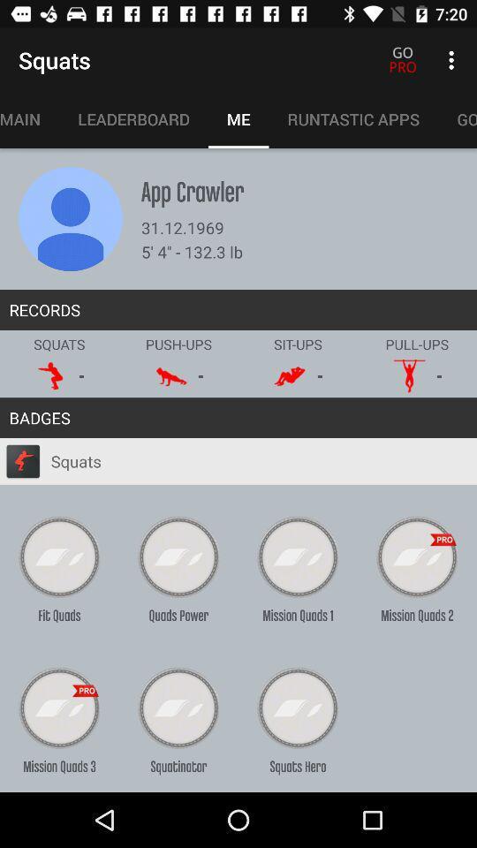  Describe the element at coordinates (28, 118) in the screenshot. I see `the item next to leaderboard icon` at that location.